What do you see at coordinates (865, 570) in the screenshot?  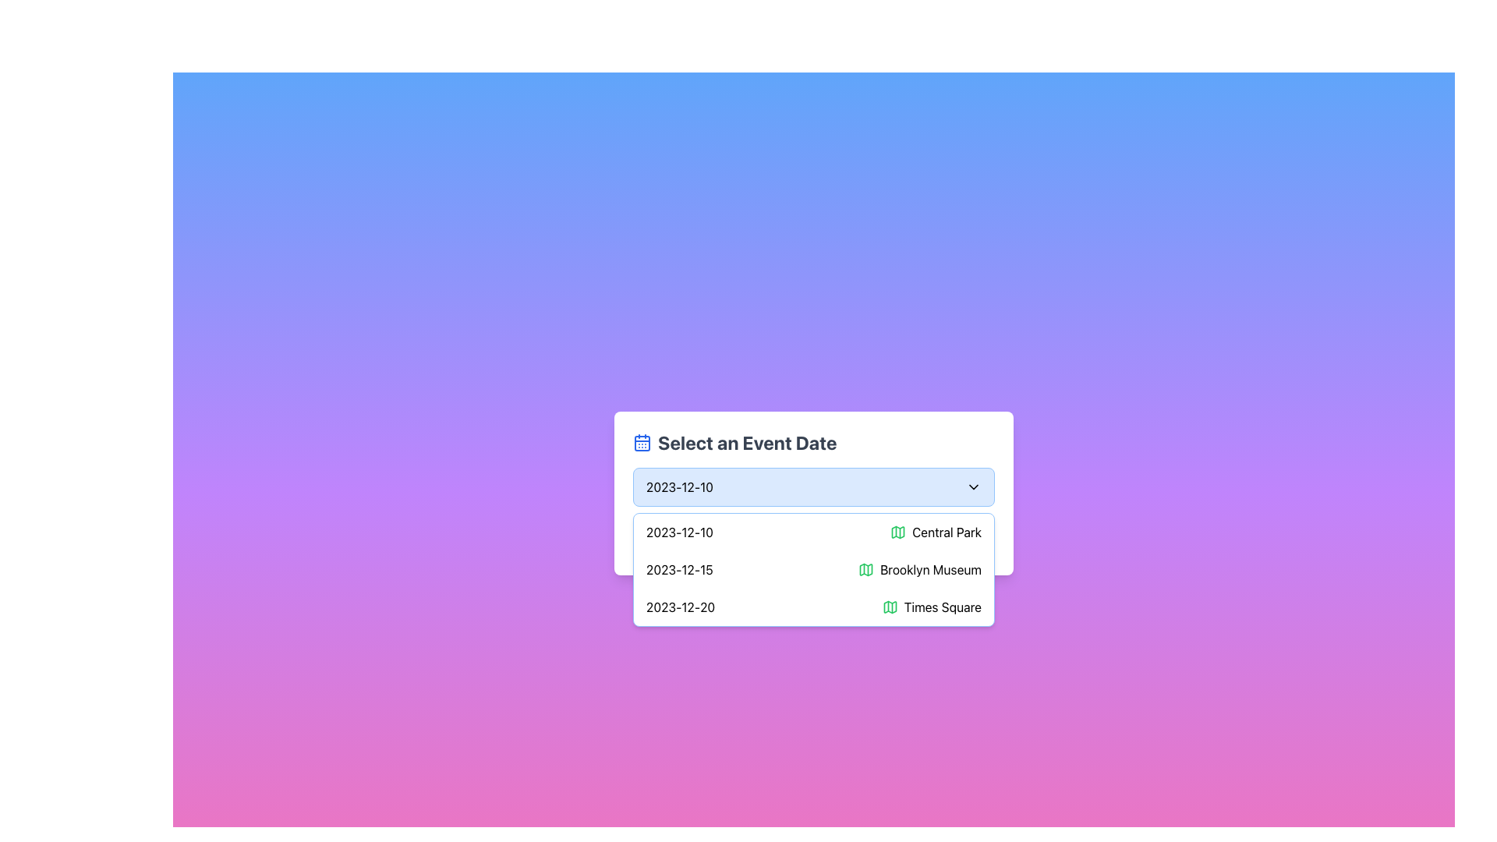 I see `the green map icon adjacent to the 'Central Park' text in the dropdown menu under 'Select an Event Date' for the date '2023-12-10'` at bounding box center [865, 570].